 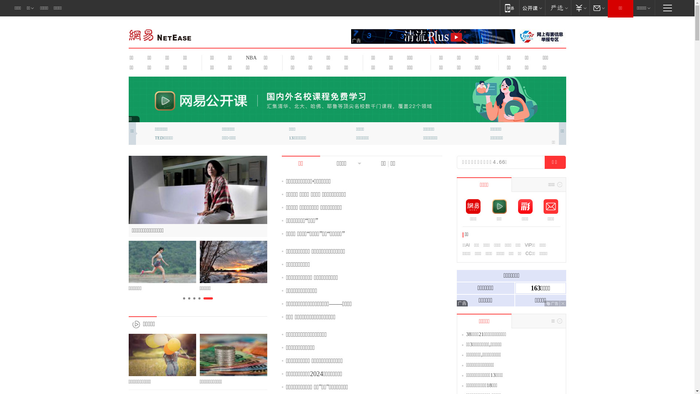 What do you see at coordinates (250, 57) in the screenshot?
I see `'NBA'` at bounding box center [250, 57].